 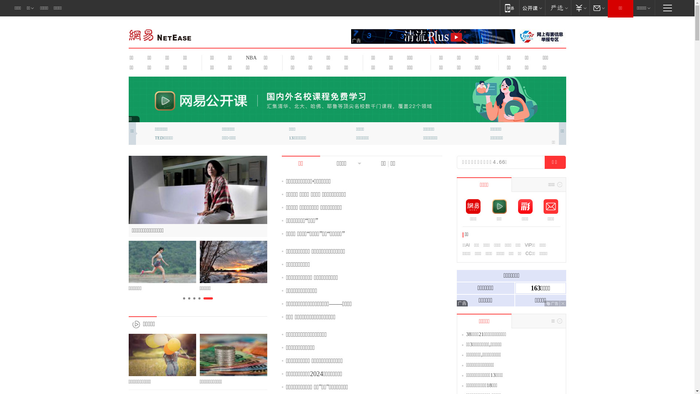 What do you see at coordinates (250, 57) in the screenshot?
I see `'NBA'` at bounding box center [250, 57].